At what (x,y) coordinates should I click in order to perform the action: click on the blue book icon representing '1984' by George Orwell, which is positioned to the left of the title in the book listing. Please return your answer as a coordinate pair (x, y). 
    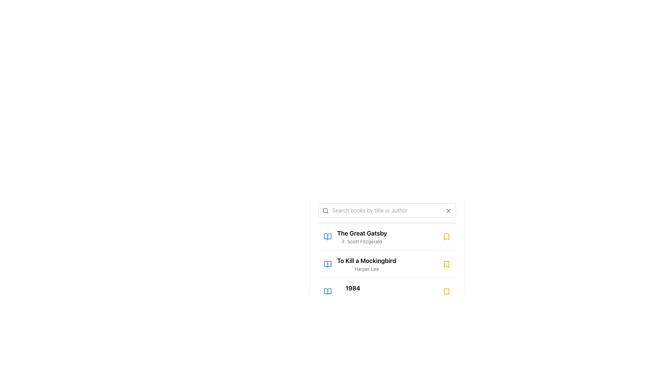
    Looking at the image, I should click on (327, 291).